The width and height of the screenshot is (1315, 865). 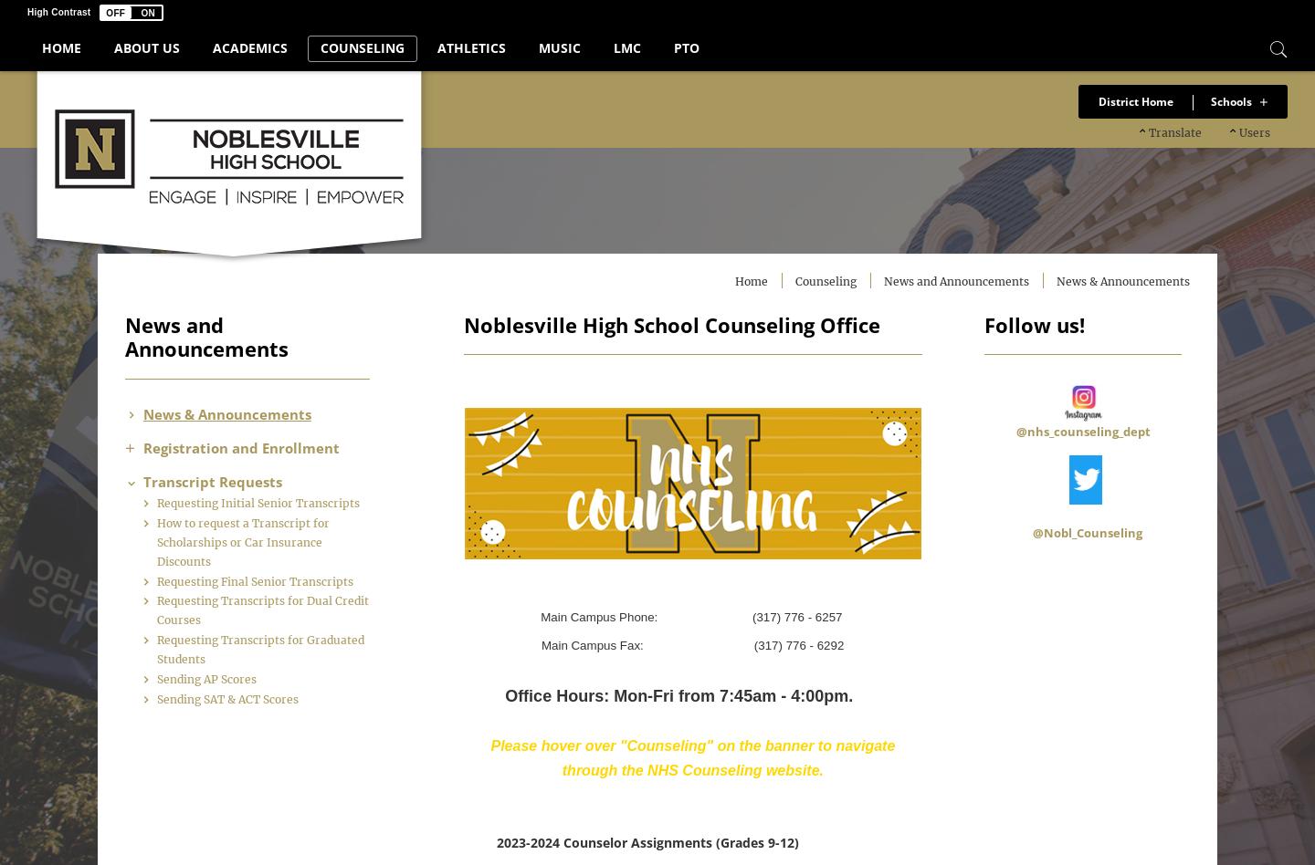 I want to click on 'Requesting Final Senior Transcripts', so click(x=257, y=608).